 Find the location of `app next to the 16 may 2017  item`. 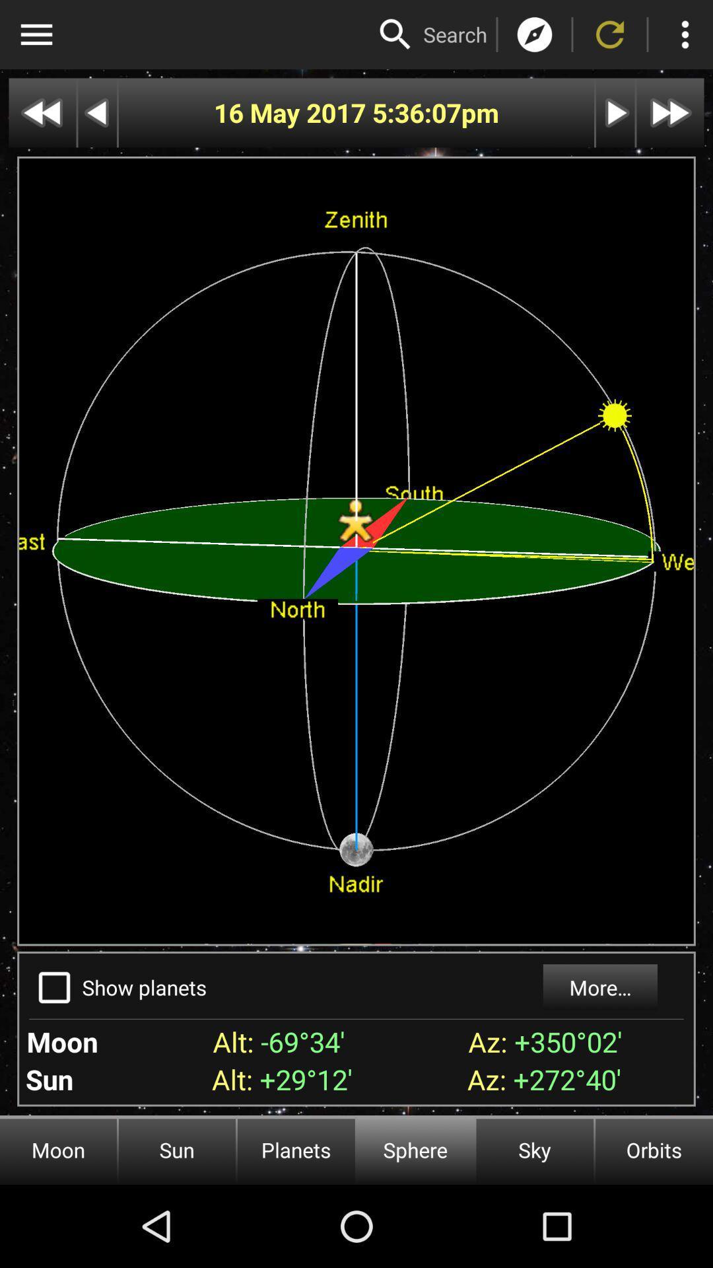

app next to the 16 may 2017  item is located at coordinates (417, 113).